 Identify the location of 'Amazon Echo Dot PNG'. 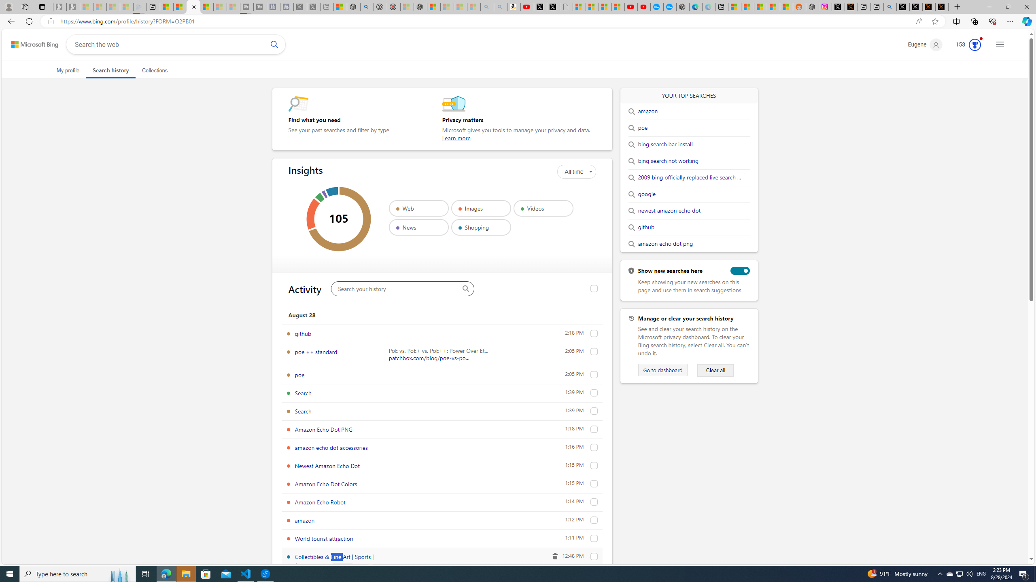
(323, 429).